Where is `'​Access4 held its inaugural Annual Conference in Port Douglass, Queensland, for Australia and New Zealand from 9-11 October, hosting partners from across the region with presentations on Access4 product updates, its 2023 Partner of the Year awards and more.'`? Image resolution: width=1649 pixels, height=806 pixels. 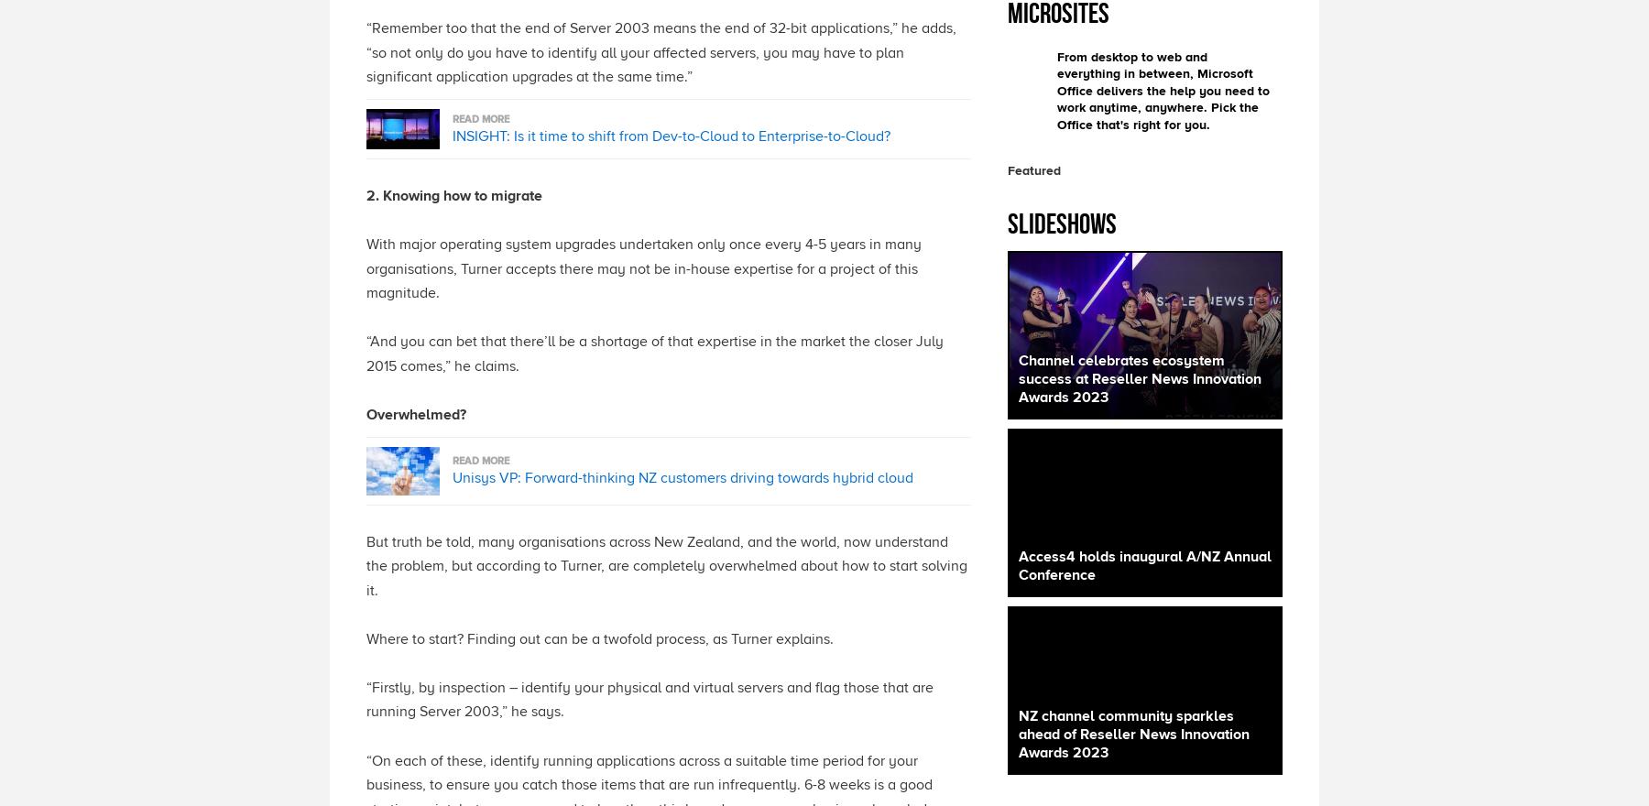
'​Access4 held its inaugural Annual Conference in Port Douglass, Queensland, for Australia and New Zealand from 9-11 October, hosting partners from across the region with presentations on Access4 product updates, its 2023 Partner of the Year awards and more.' is located at coordinates (1144, 627).